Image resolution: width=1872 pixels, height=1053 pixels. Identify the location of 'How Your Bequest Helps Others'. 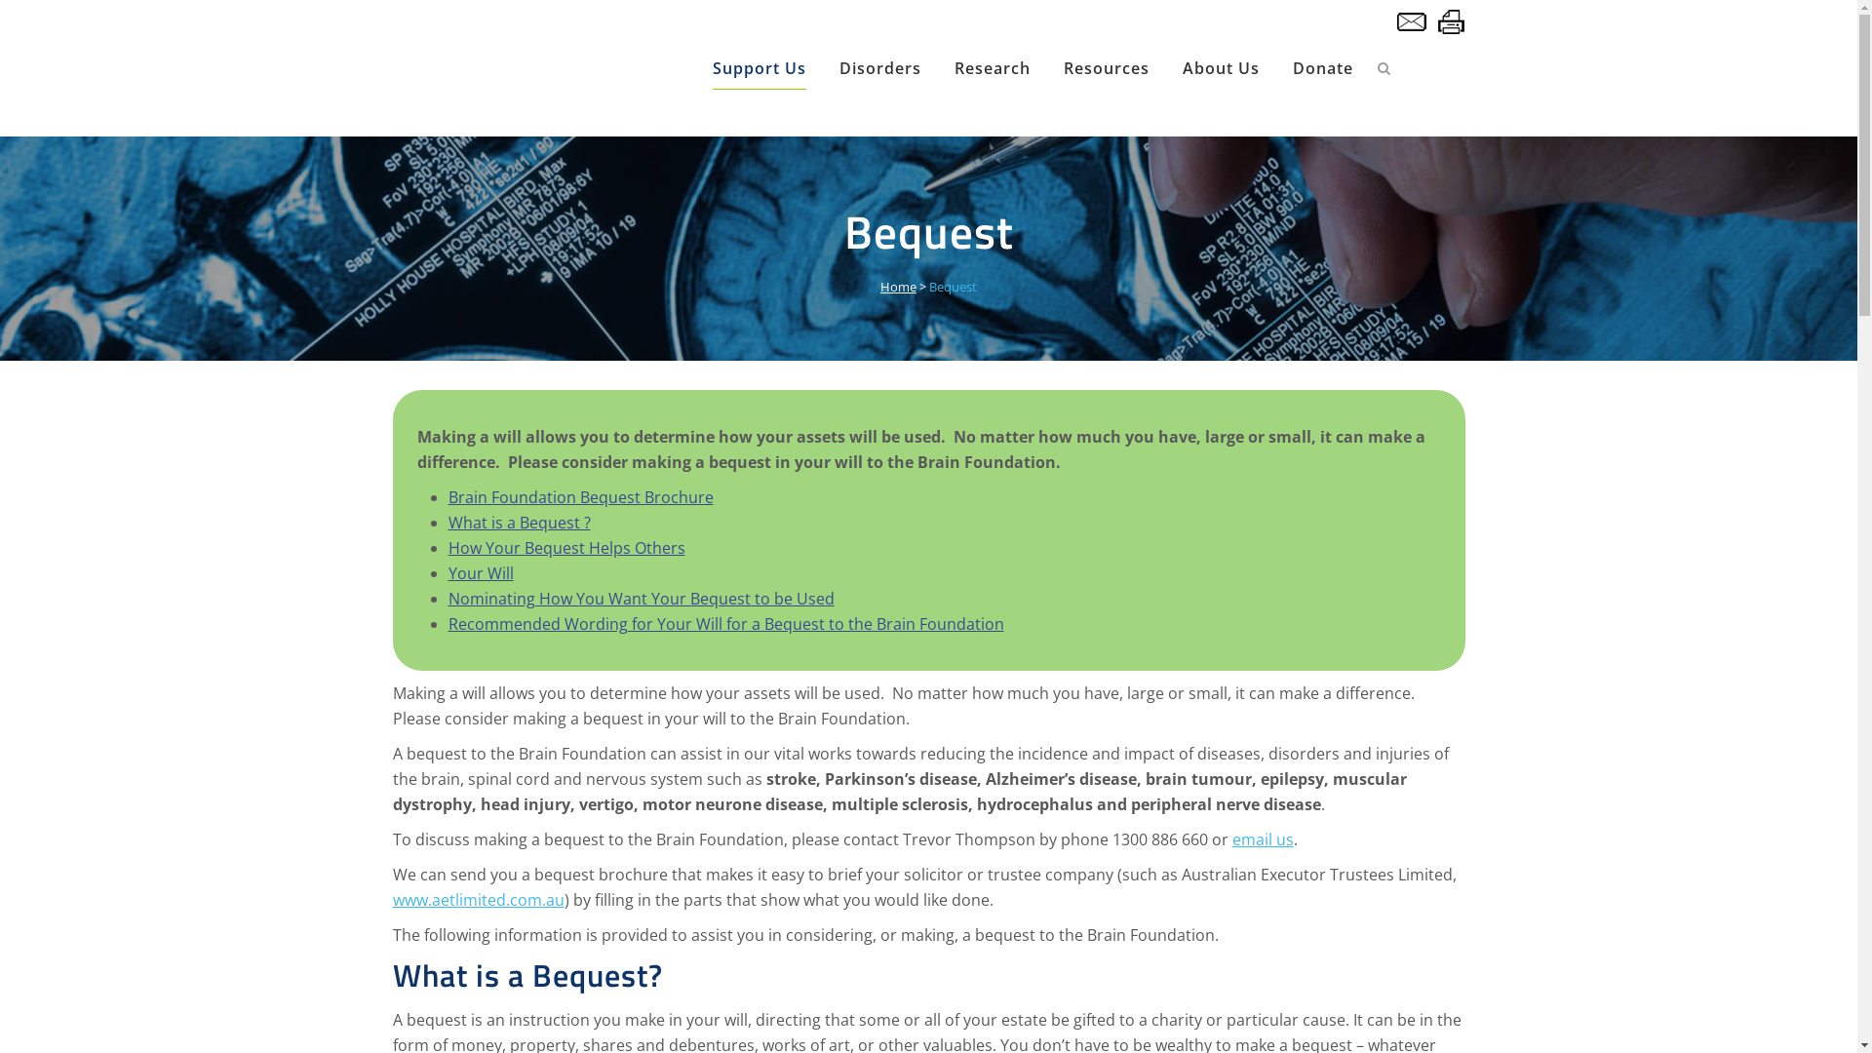
(565, 548).